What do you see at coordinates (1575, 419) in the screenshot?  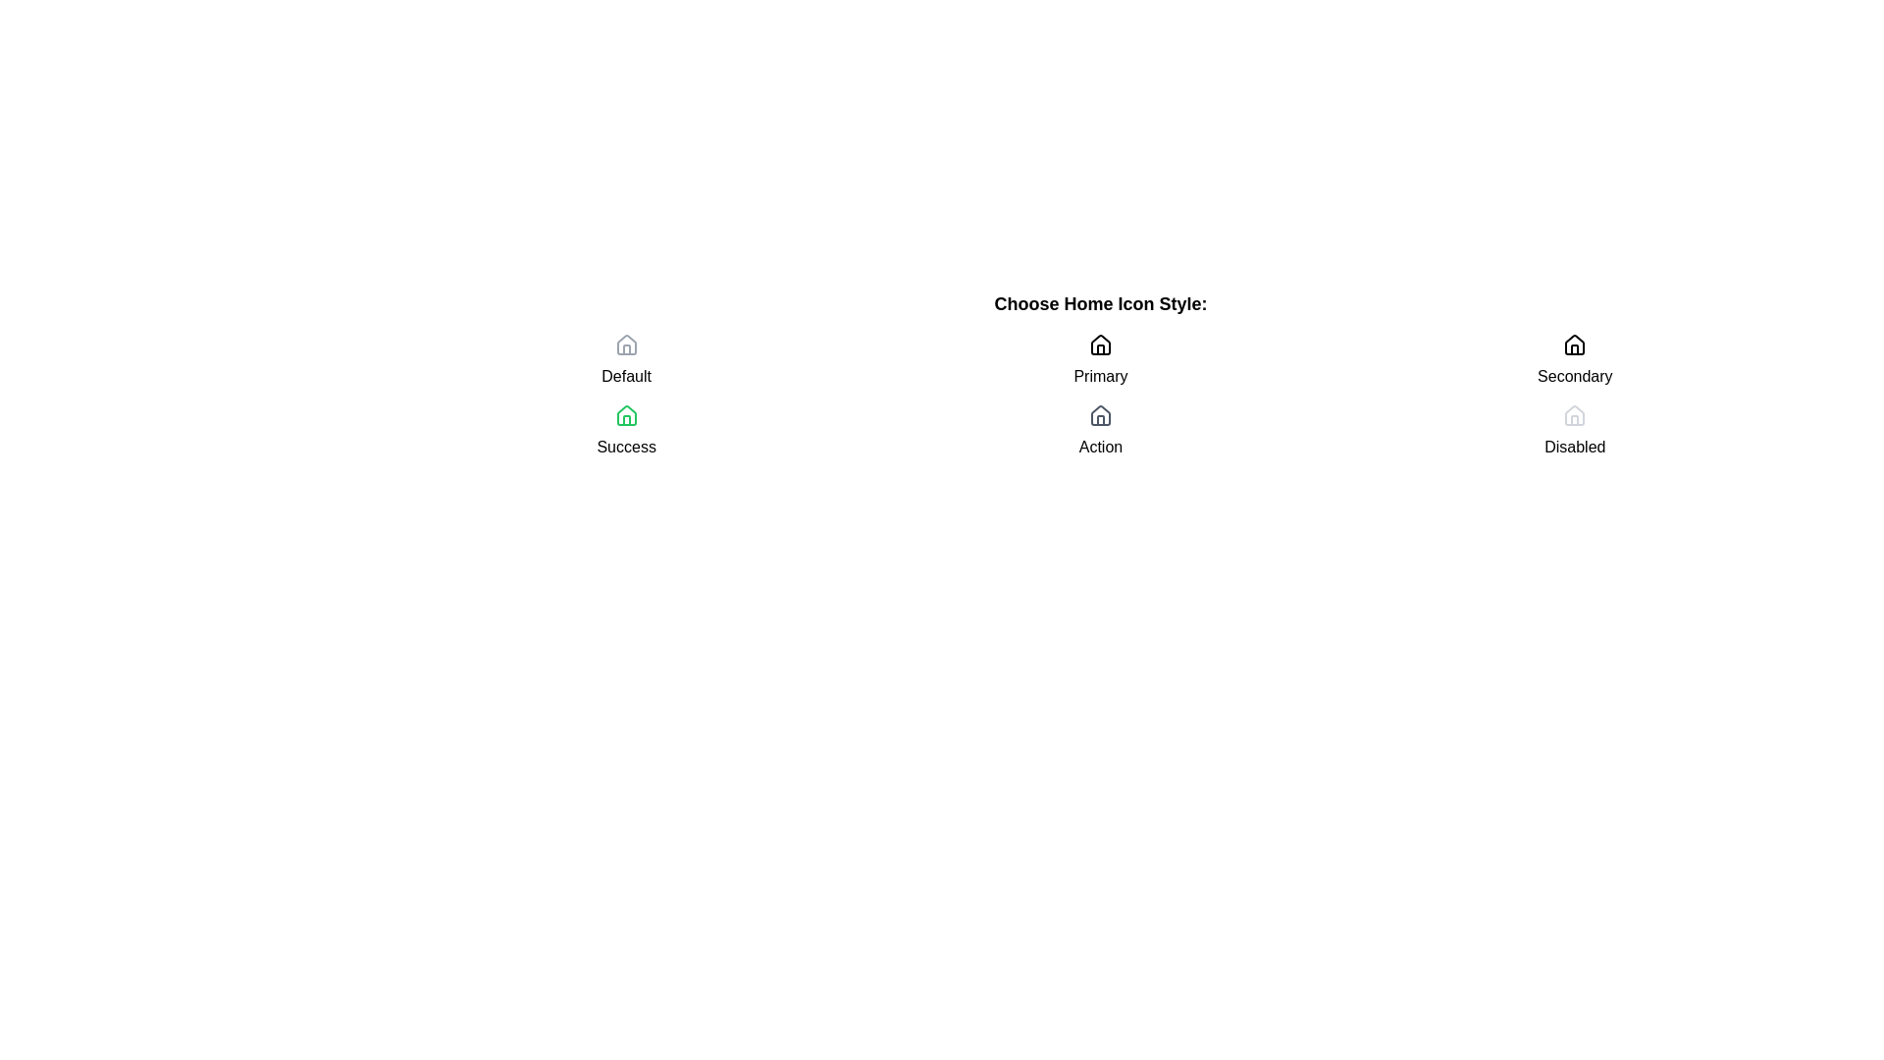 I see `the 'Disabled' house icon in the 'Choose Home Icon Style:' section of the SVG graphic` at bounding box center [1575, 419].